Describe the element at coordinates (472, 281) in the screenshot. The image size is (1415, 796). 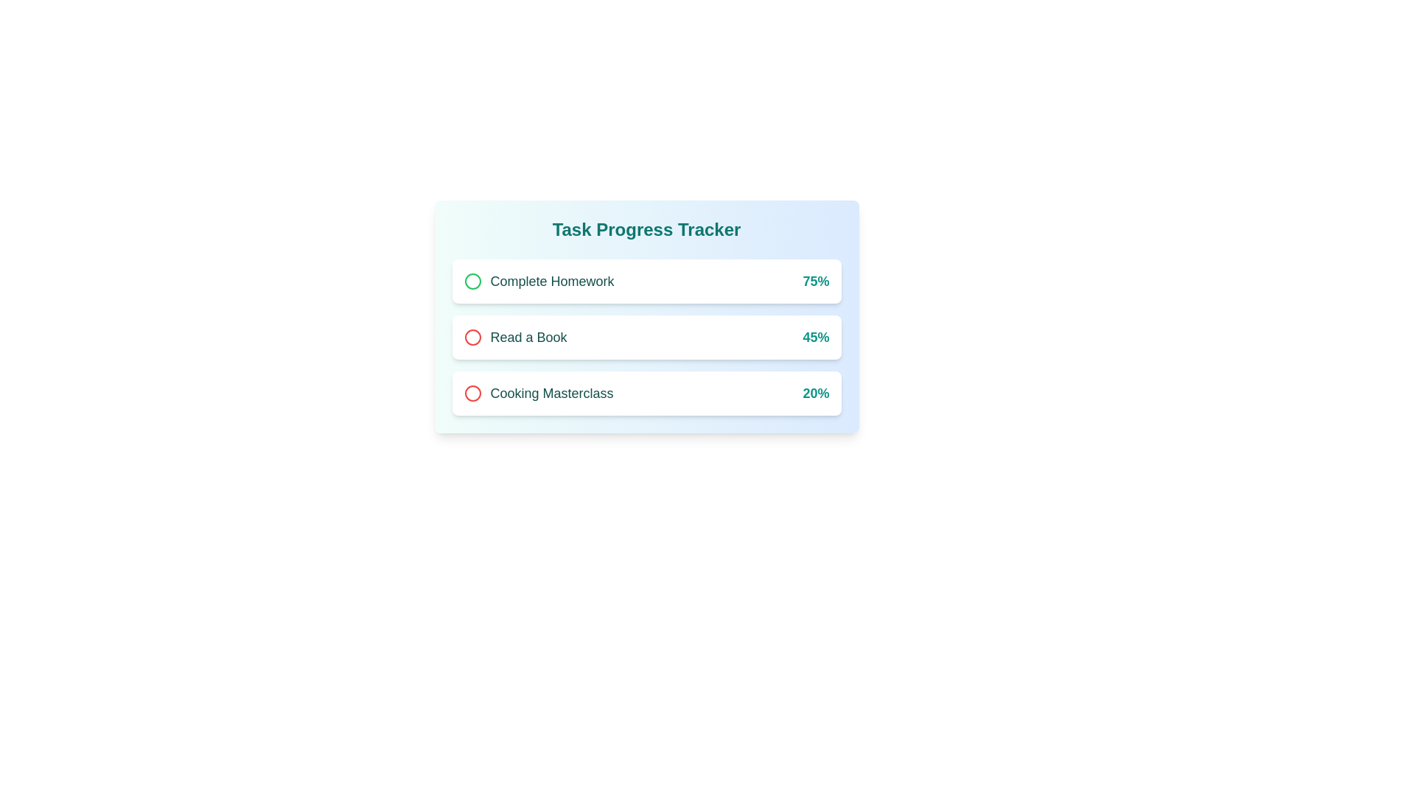
I see `the Circle (SVG Shape Component) that visually represents the completion state of the 'Complete Homework' task item in the progress tracker` at that location.